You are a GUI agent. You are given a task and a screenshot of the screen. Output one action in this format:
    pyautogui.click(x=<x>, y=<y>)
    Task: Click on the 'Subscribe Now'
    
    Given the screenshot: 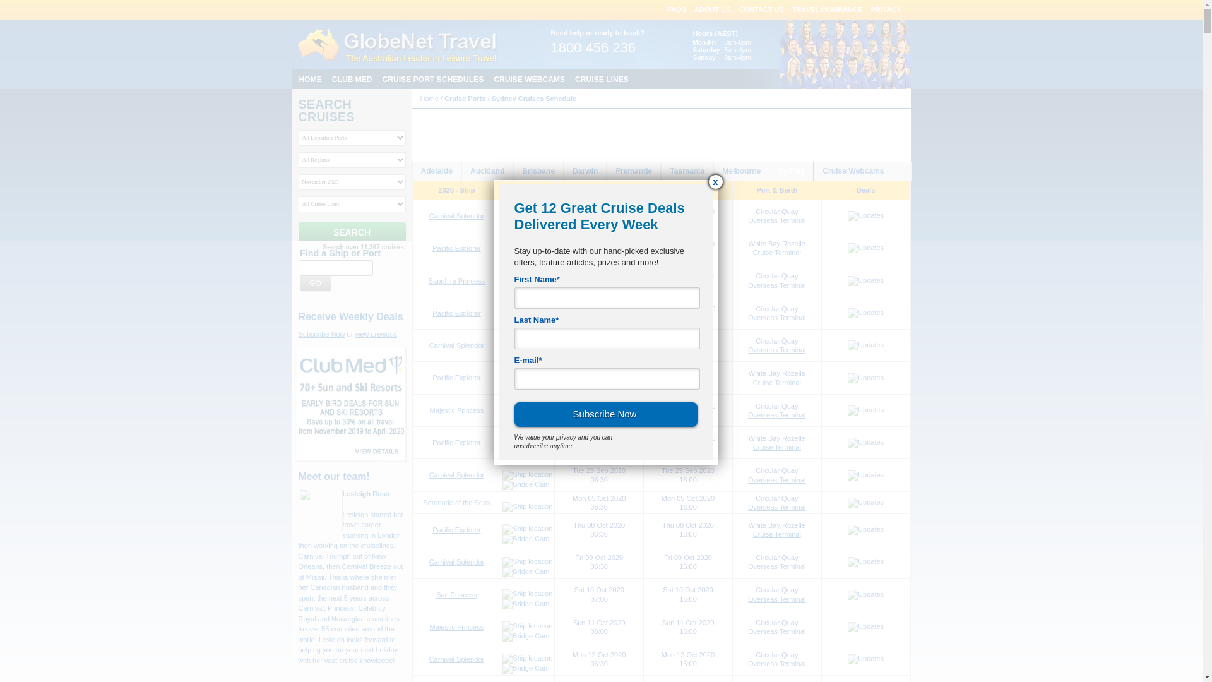 What is the action you would take?
    pyautogui.click(x=321, y=333)
    